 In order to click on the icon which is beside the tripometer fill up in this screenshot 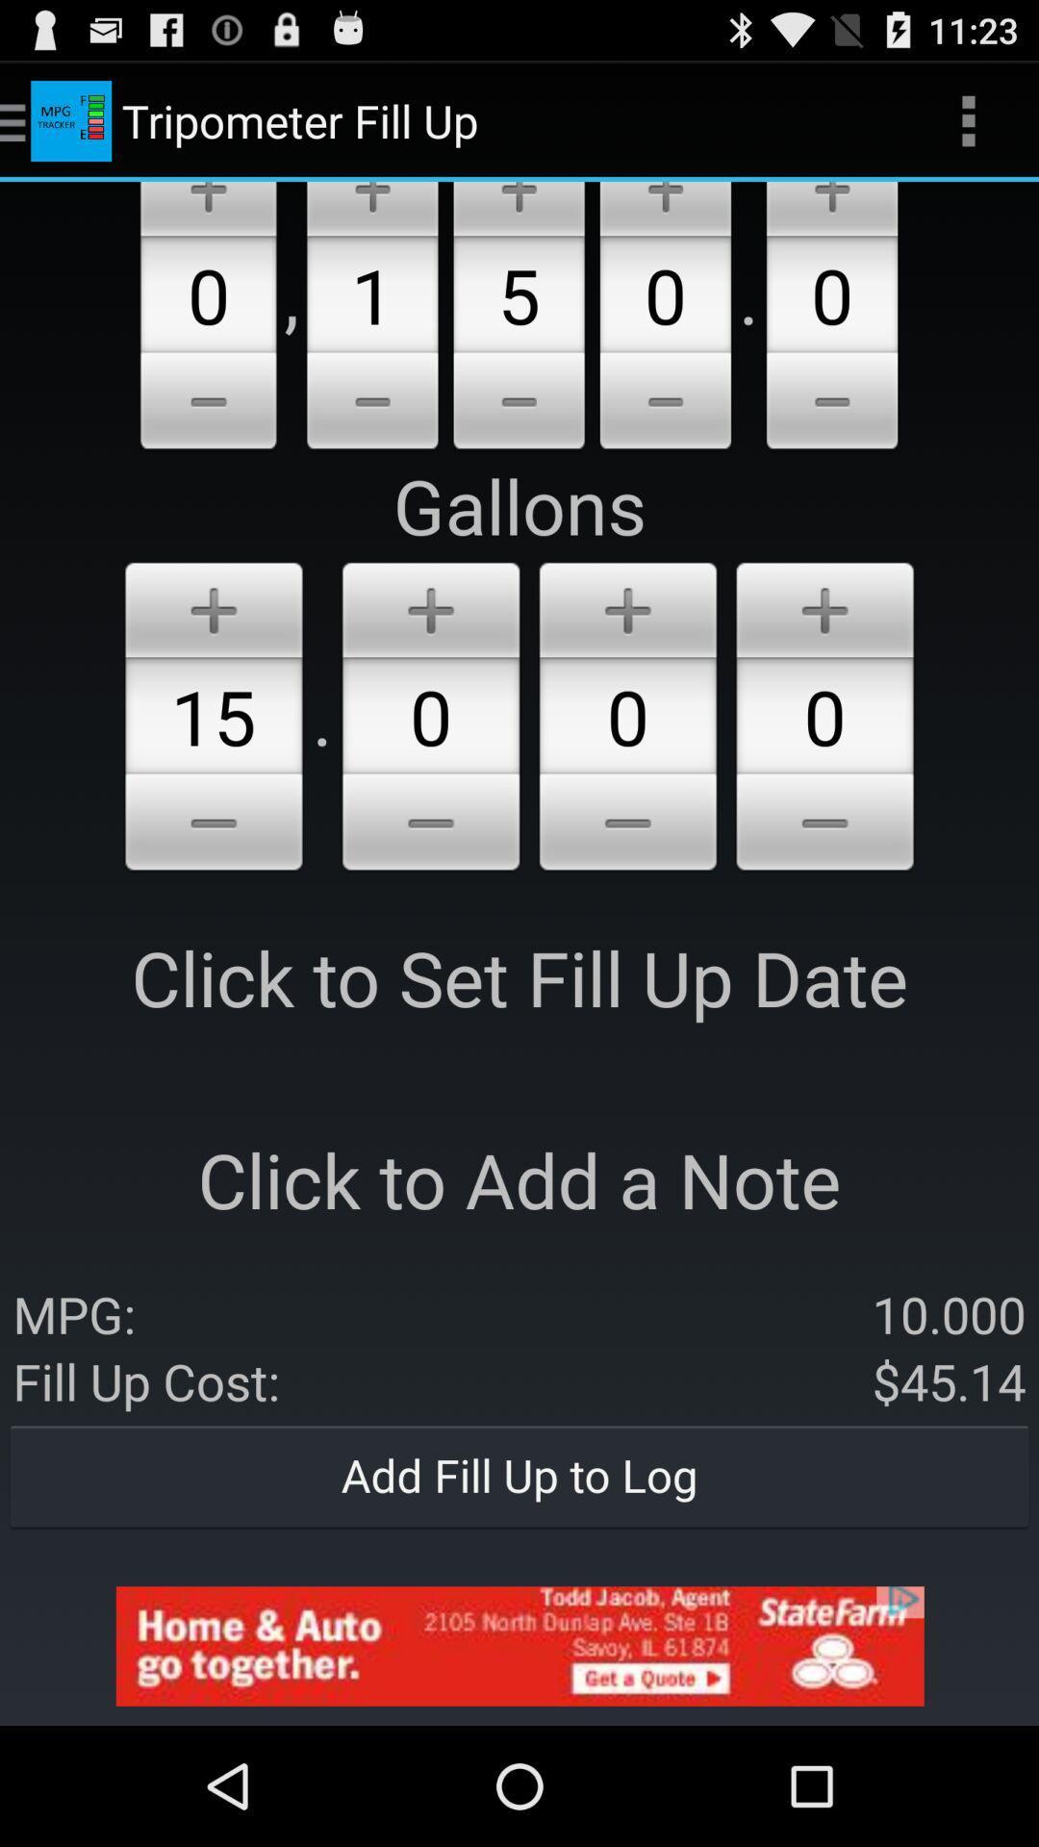, I will do `click(69, 119)`.